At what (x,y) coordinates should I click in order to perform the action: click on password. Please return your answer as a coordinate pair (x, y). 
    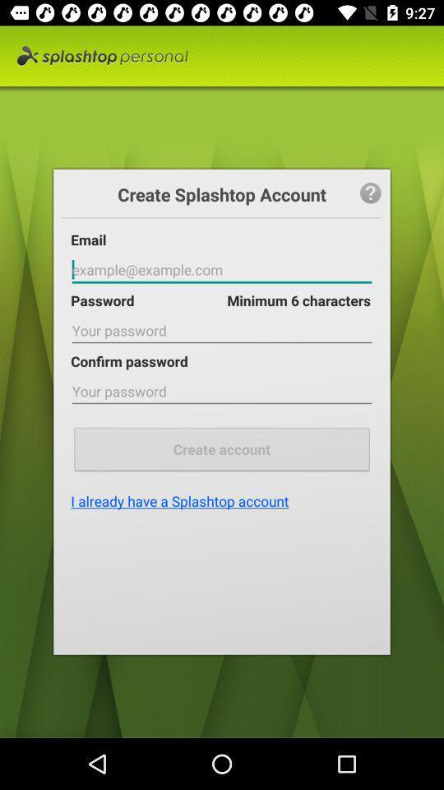
    Looking at the image, I should click on (222, 270).